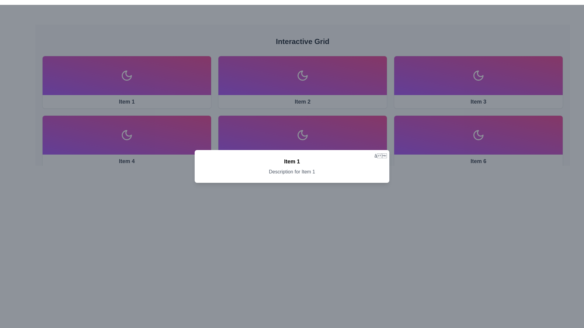 Image resolution: width=584 pixels, height=328 pixels. Describe the element at coordinates (127, 142) in the screenshot. I see `the fourth Card component in the grid layout, which is located in the second row, first column, directly below 'Item 1'` at that location.